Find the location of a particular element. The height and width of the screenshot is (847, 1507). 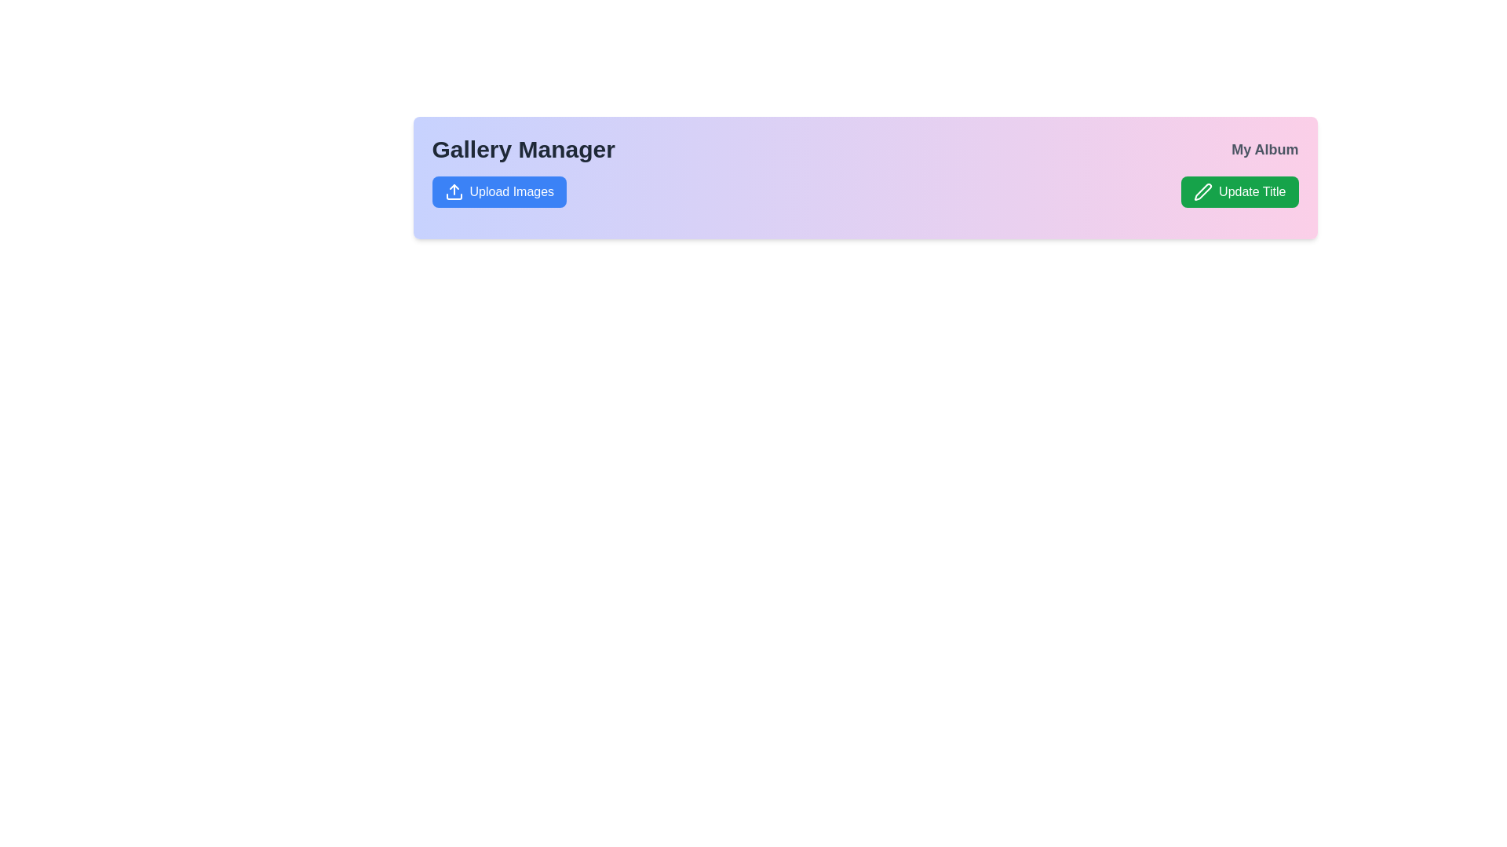

the 'Upload Images' button, which features an upload icon positioned to the left of the text label, to trigger the upload functionality is located at coordinates (453, 191).